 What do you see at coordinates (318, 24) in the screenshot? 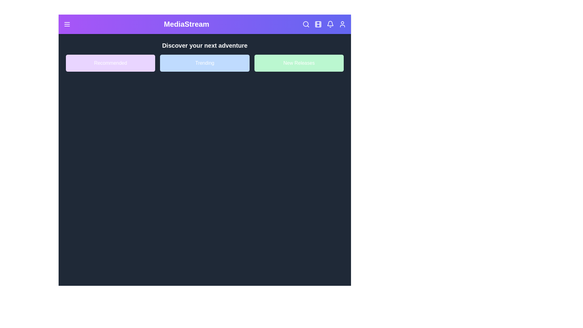
I see `the theme toggle button in the app bar to switch themes` at bounding box center [318, 24].